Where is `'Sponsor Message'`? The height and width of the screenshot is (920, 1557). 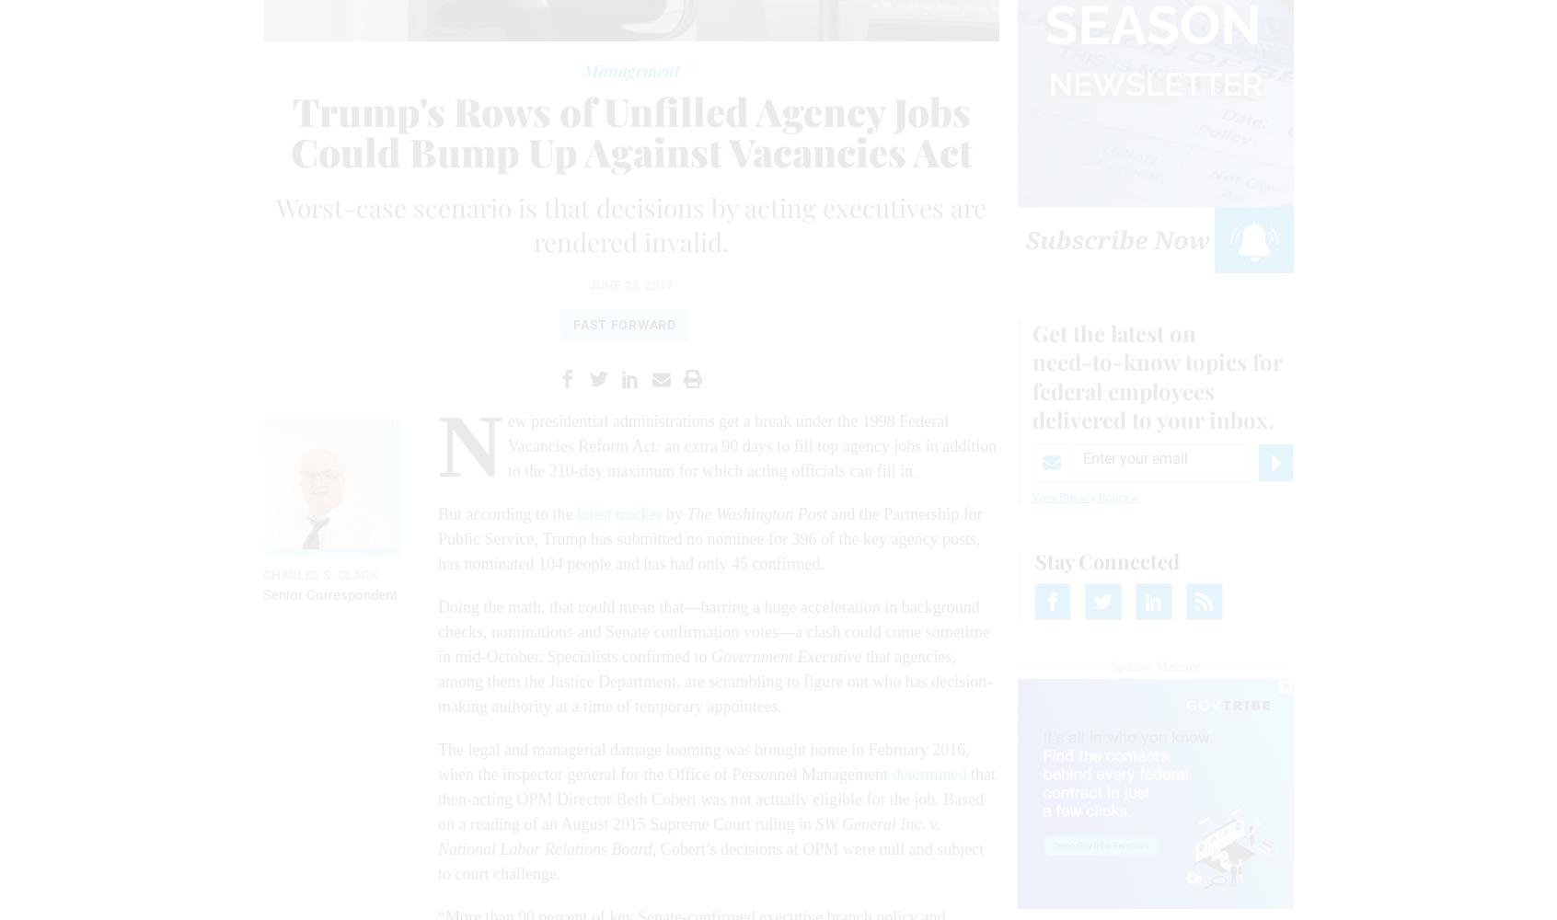 'Sponsor Message' is located at coordinates (1110, 664).